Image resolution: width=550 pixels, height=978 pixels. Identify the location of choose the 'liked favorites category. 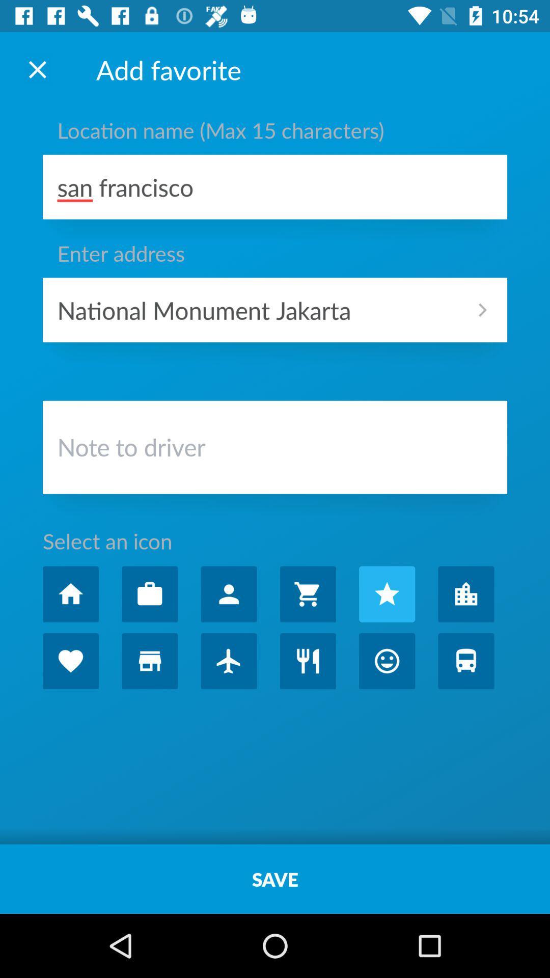
(70, 661).